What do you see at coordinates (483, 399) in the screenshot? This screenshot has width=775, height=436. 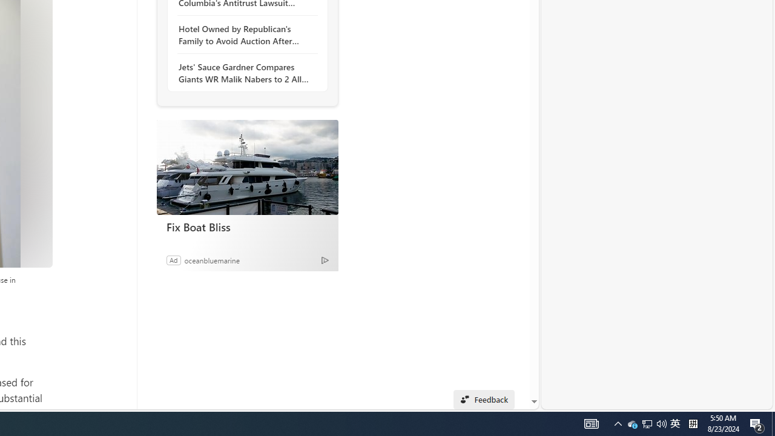 I see `'Feedback'` at bounding box center [483, 399].